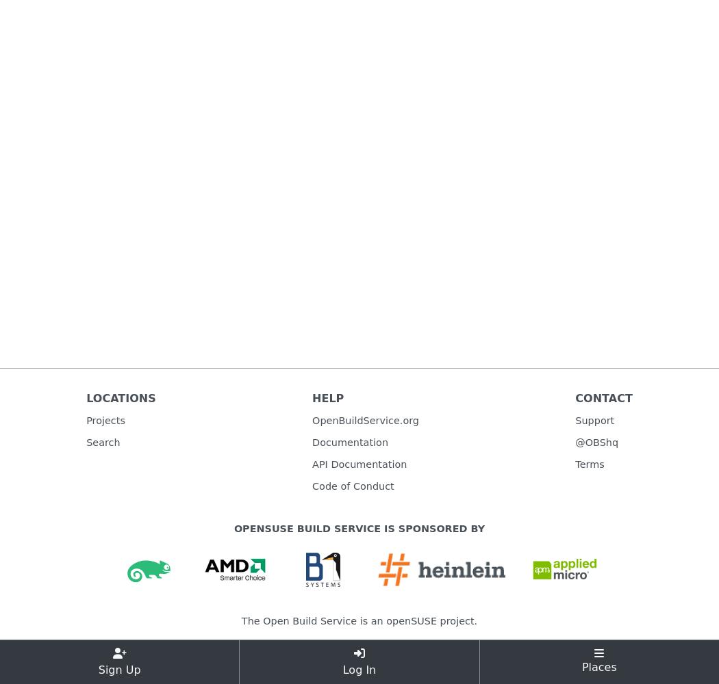 The width and height of the screenshot is (719, 684). What do you see at coordinates (118, 669) in the screenshot?
I see `'Sign Up'` at bounding box center [118, 669].